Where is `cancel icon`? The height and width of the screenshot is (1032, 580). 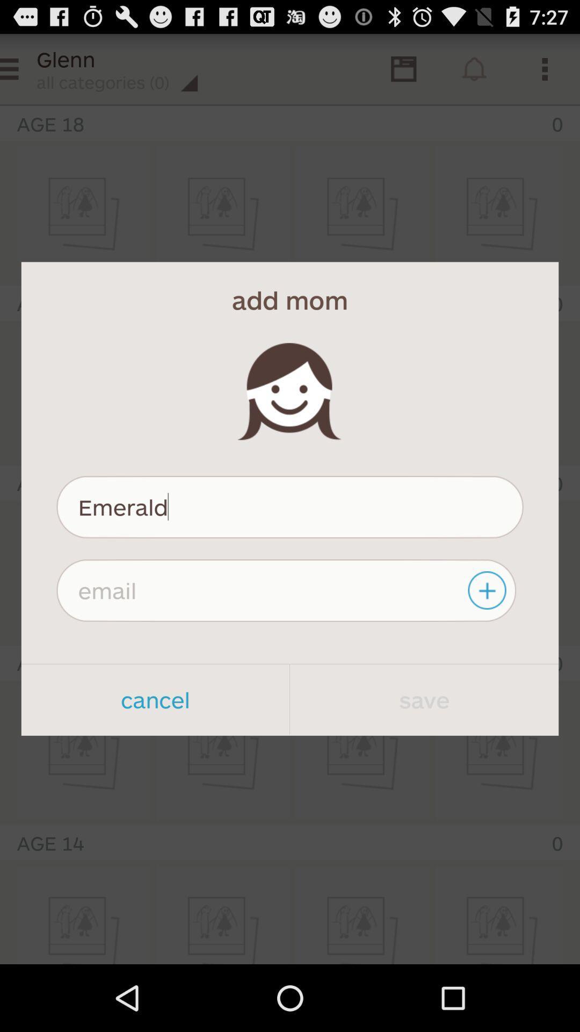 cancel icon is located at coordinates (155, 699).